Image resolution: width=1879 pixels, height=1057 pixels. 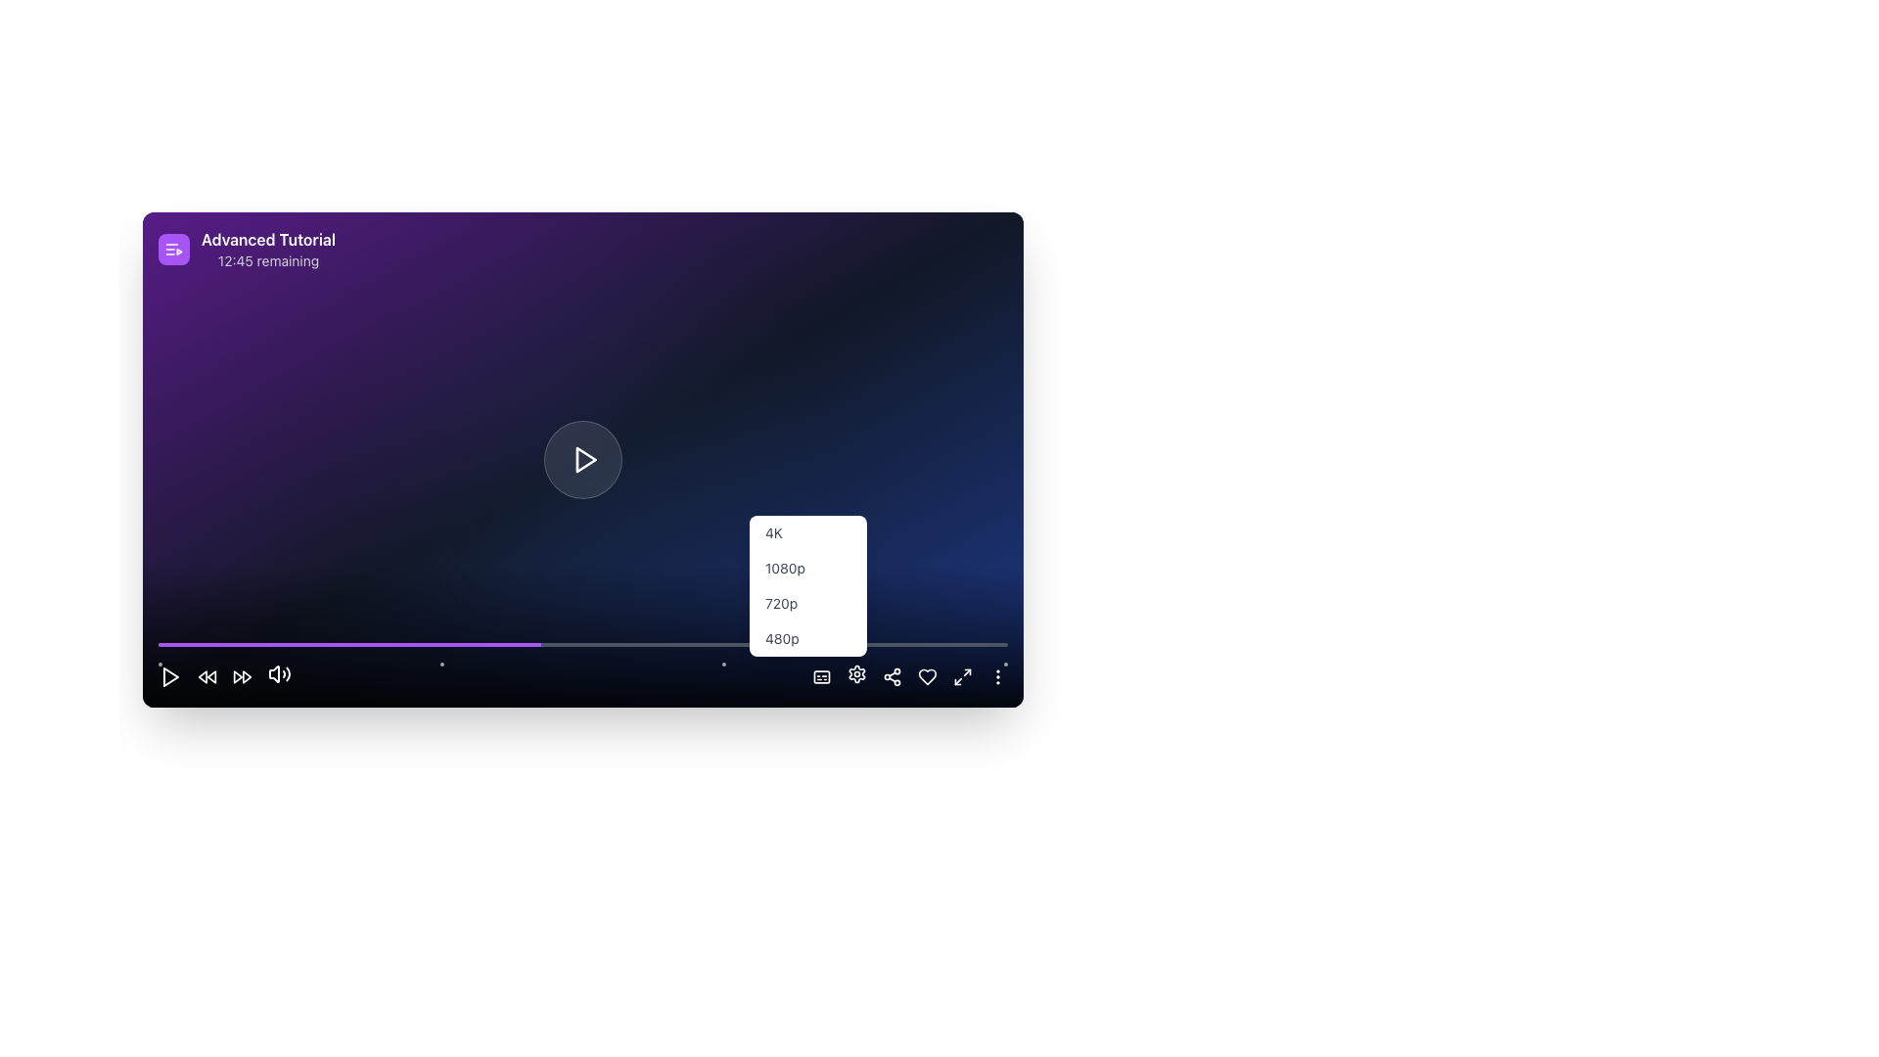 What do you see at coordinates (267, 248) in the screenshot?
I see `the static text block displaying 'Advanced Tutorial' and '12:45 remaining', located in the upper-left corner of the interface` at bounding box center [267, 248].